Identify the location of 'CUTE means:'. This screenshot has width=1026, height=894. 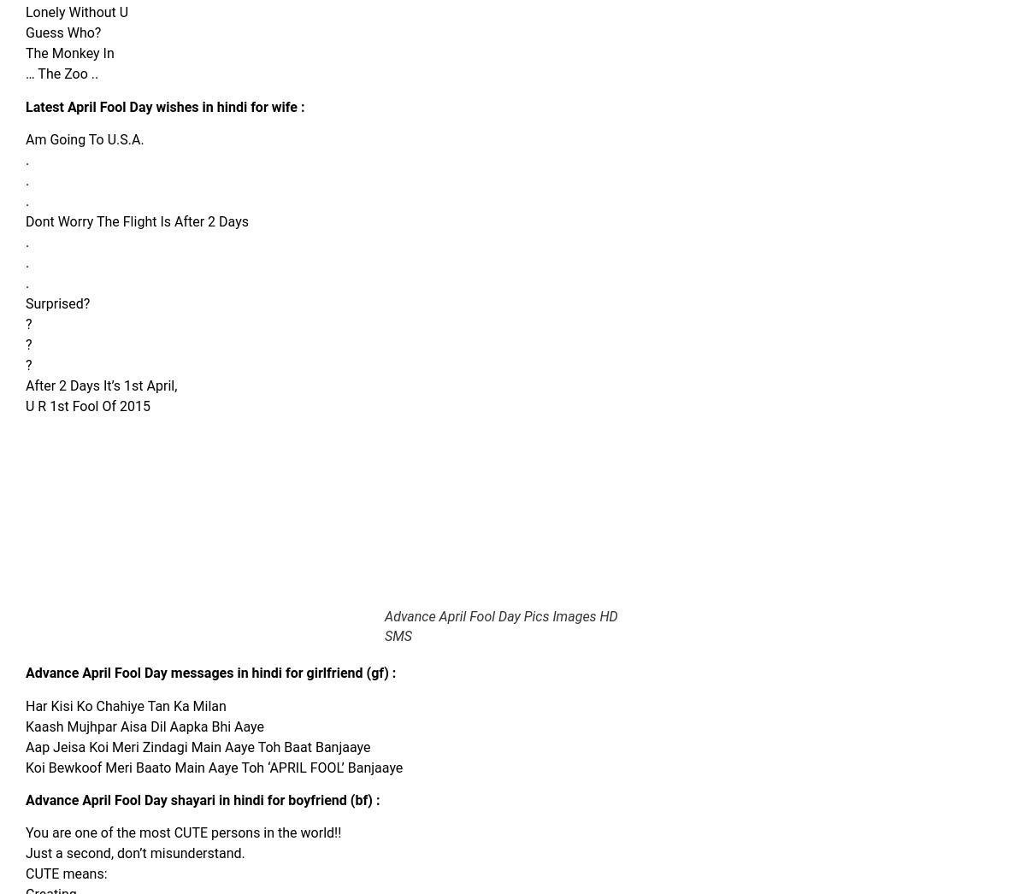
(66, 873).